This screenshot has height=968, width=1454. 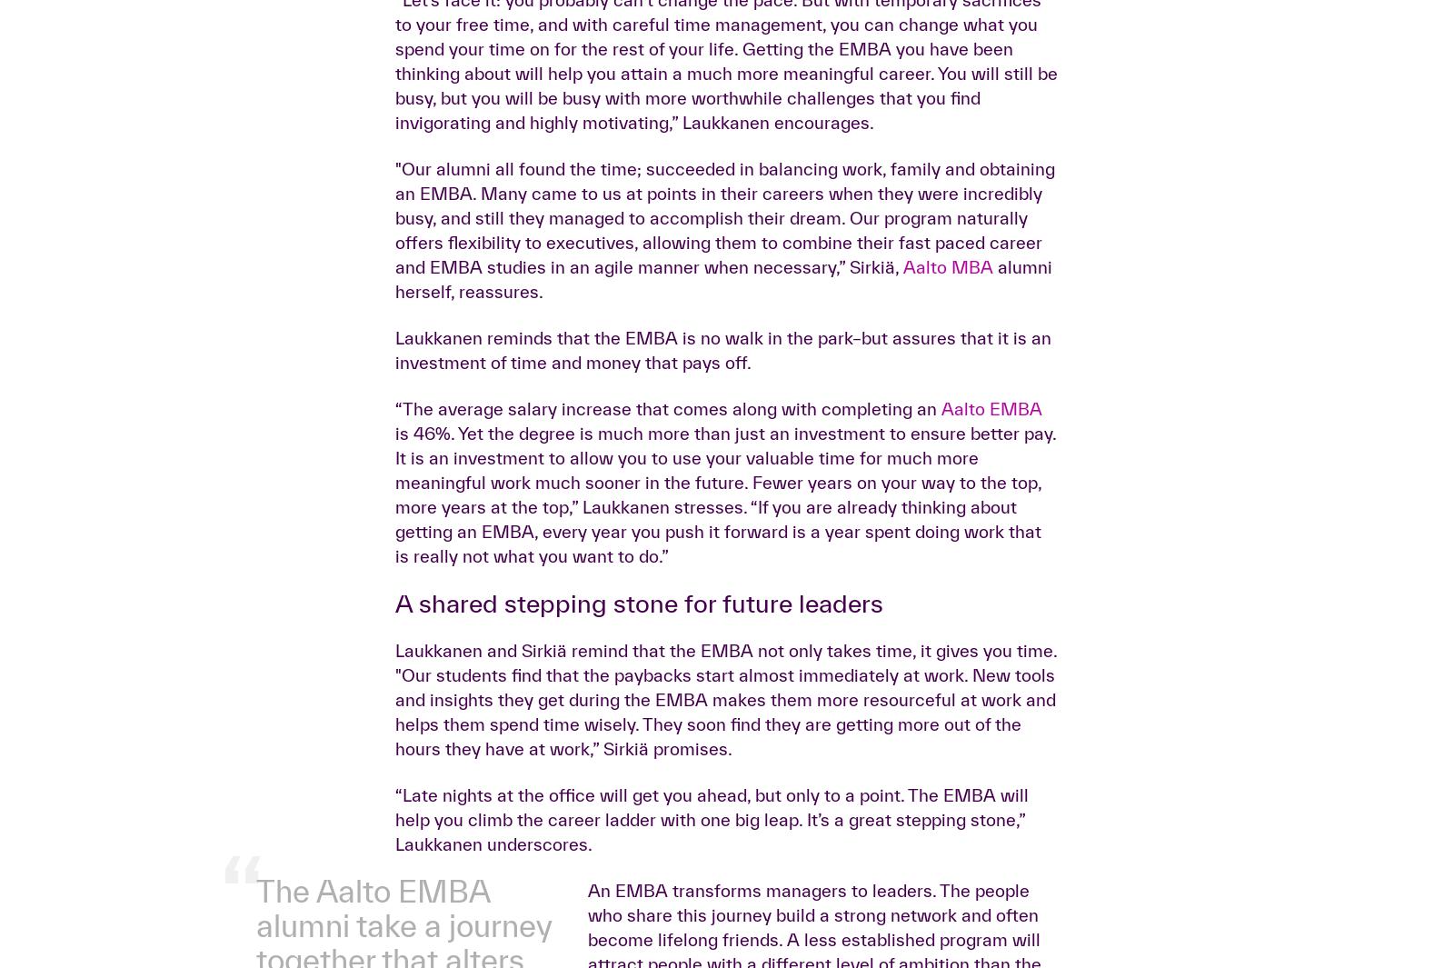 I want to click on 'is 46%. Yet the degree is much more than just an investment to ensure better pay. It is an investment to allow you to use your valuable time for much more meaningful work much sooner in the future. Fewer years on your way to the top, more years at the top,” Laukkanen stresses. “If you are already thinking about getting an EMBA, every year you push it forward is a year spent doing work that is really not what you want to do.”', so click(x=725, y=781).